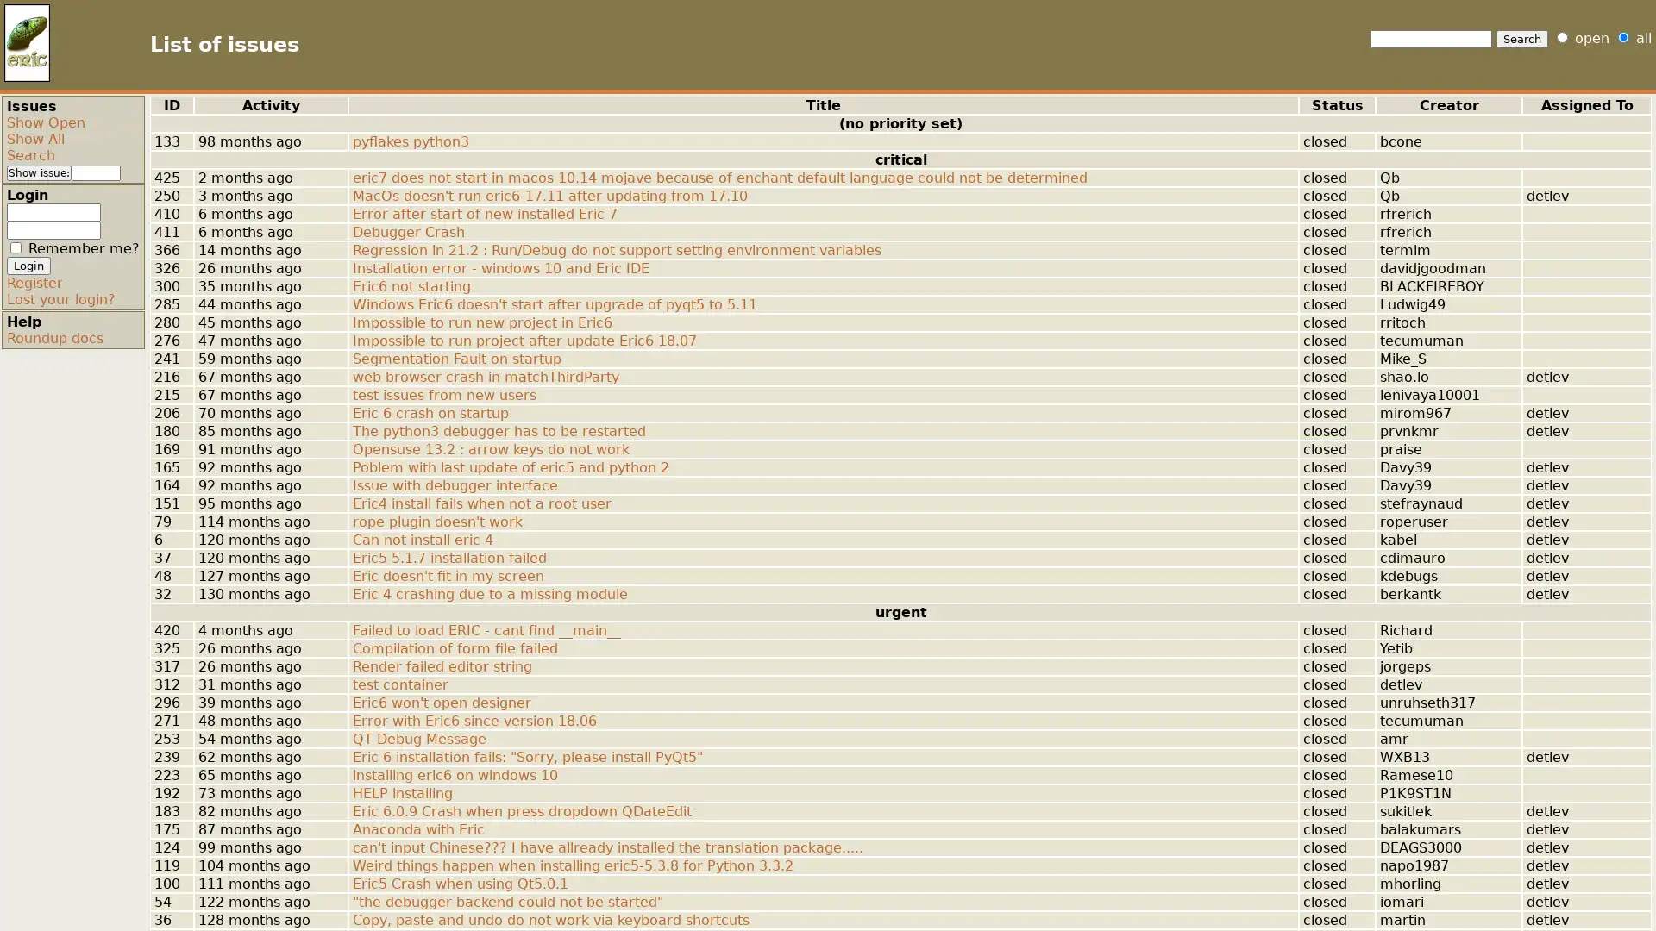 The width and height of the screenshot is (1656, 931). I want to click on Search, so click(1522, 39).